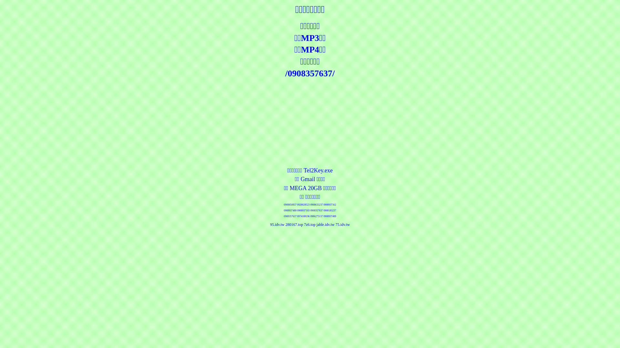  What do you see at coordinates (290, 205) in the screenshot?
I see `'0908850837'` at bounding box center [290, 205].